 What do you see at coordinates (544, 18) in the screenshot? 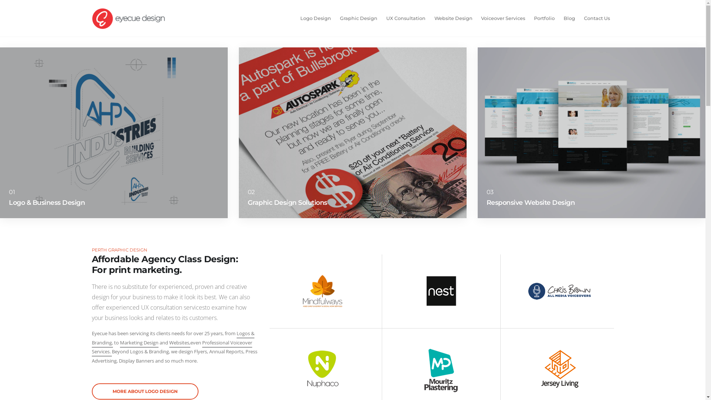
I see `'Portfolio'` at bounding box center [544, 18].